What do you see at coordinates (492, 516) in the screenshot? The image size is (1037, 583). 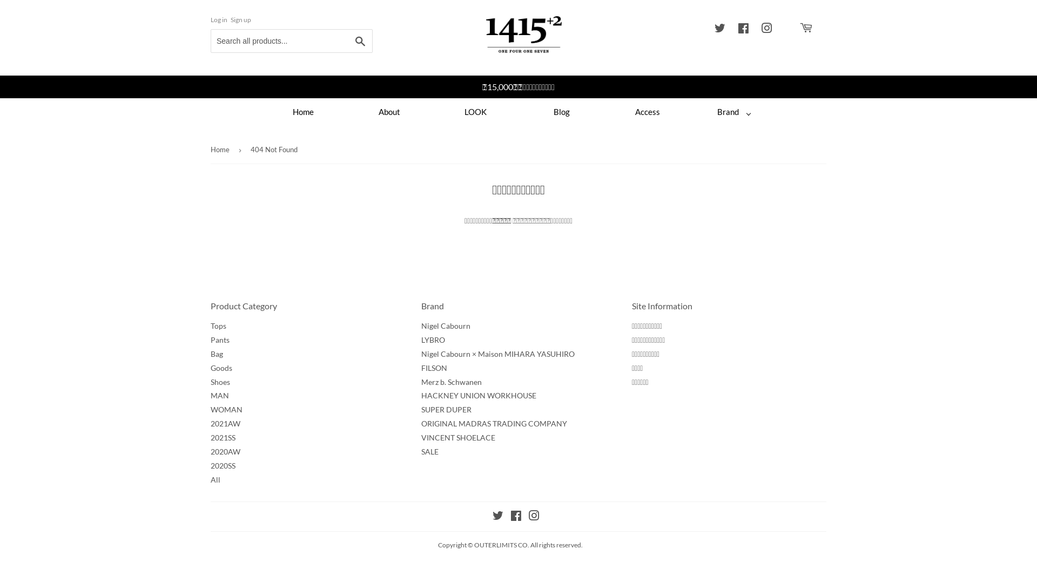 I see `'Twitter'` at bounding box center [492, 516].